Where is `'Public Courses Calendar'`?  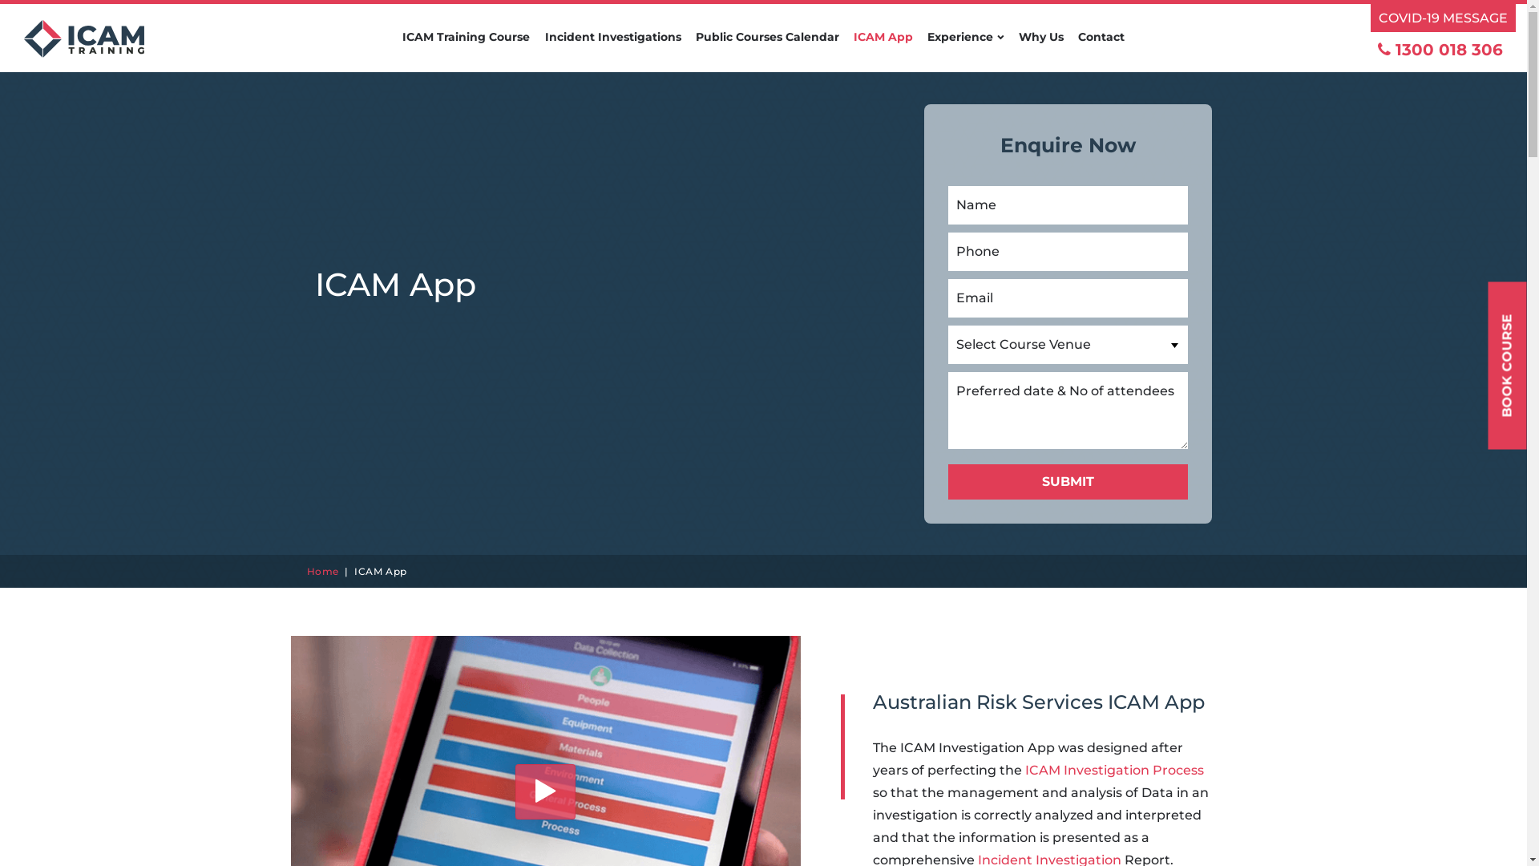
'Public Courses Calendar' is located at coordinates (766, 48).